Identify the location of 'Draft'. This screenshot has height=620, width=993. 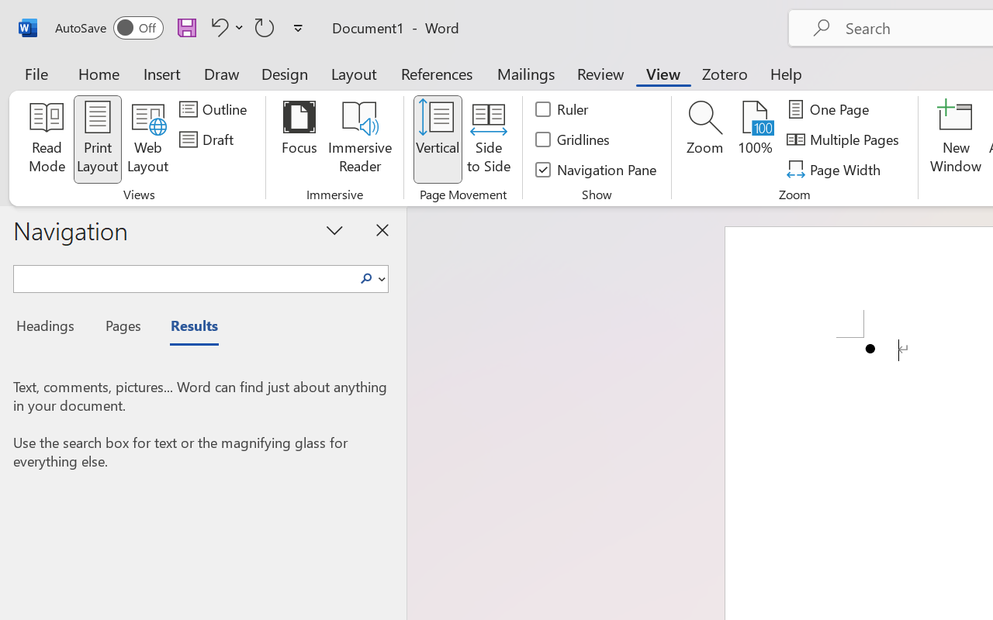
(208, 139).